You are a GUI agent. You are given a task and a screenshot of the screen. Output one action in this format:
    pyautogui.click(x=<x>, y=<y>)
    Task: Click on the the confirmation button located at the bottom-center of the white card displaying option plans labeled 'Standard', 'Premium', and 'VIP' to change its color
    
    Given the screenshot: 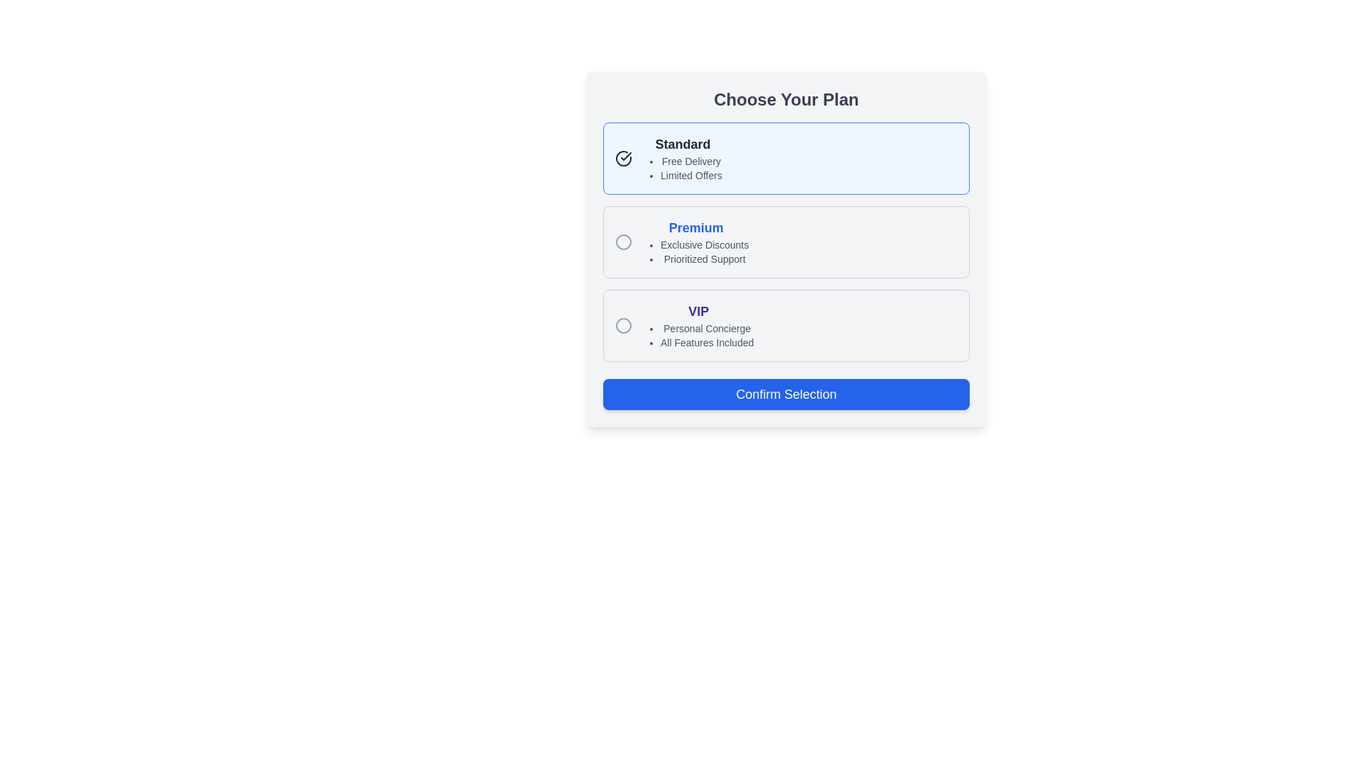 What is the action you would take?
    pyautogui.click(x=785, y=394)
    